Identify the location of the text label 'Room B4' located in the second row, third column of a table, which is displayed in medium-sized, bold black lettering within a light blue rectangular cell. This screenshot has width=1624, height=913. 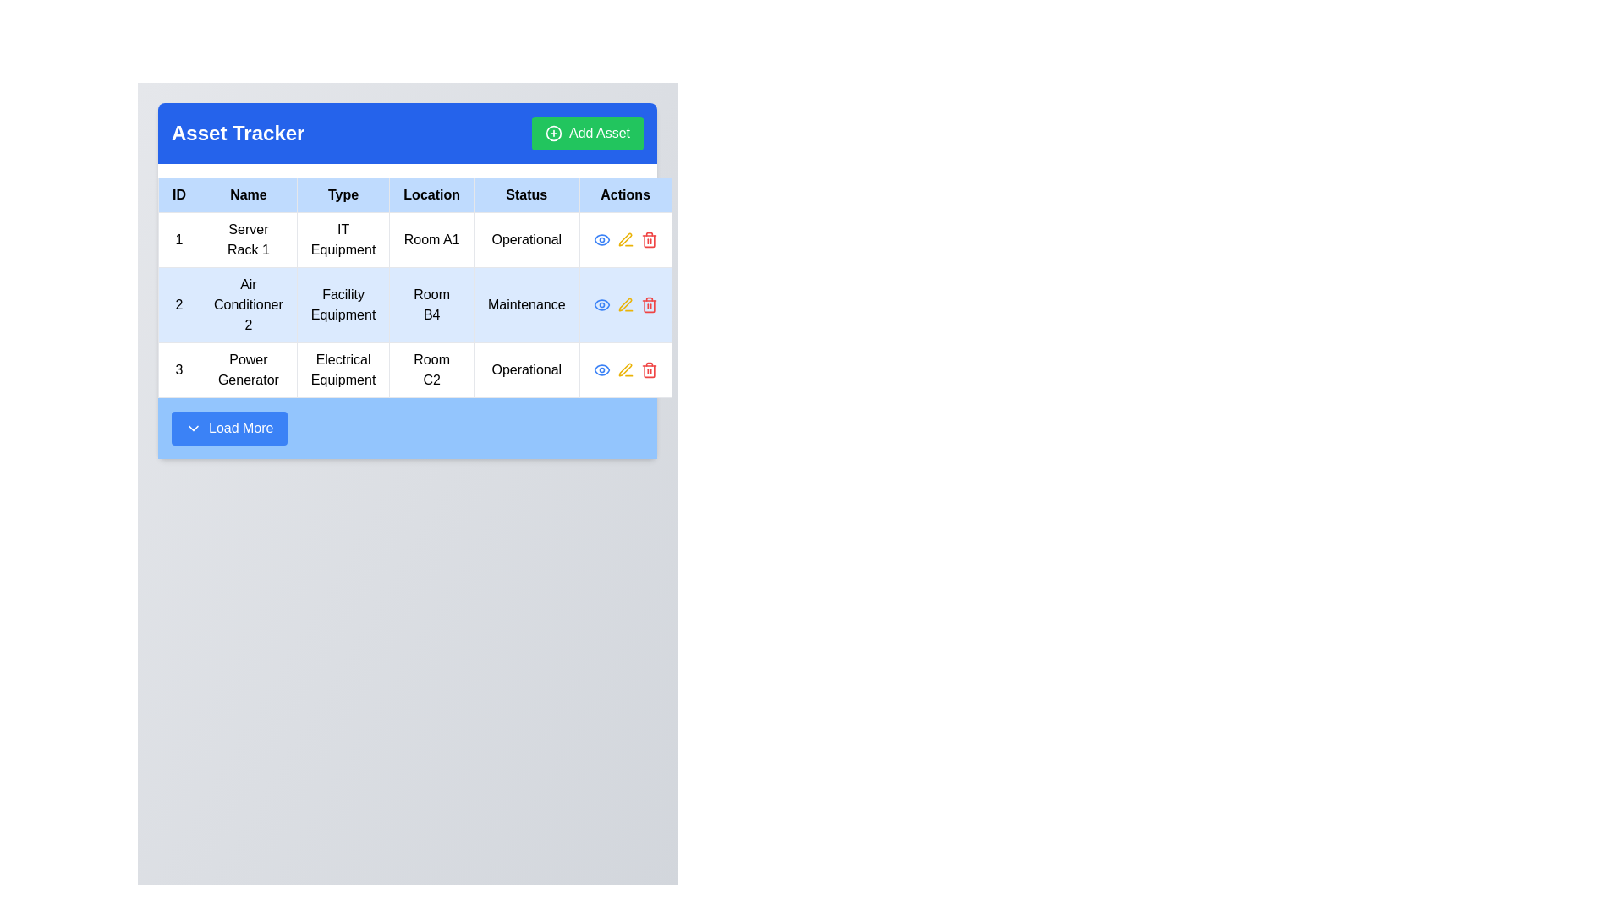
(431, 305).